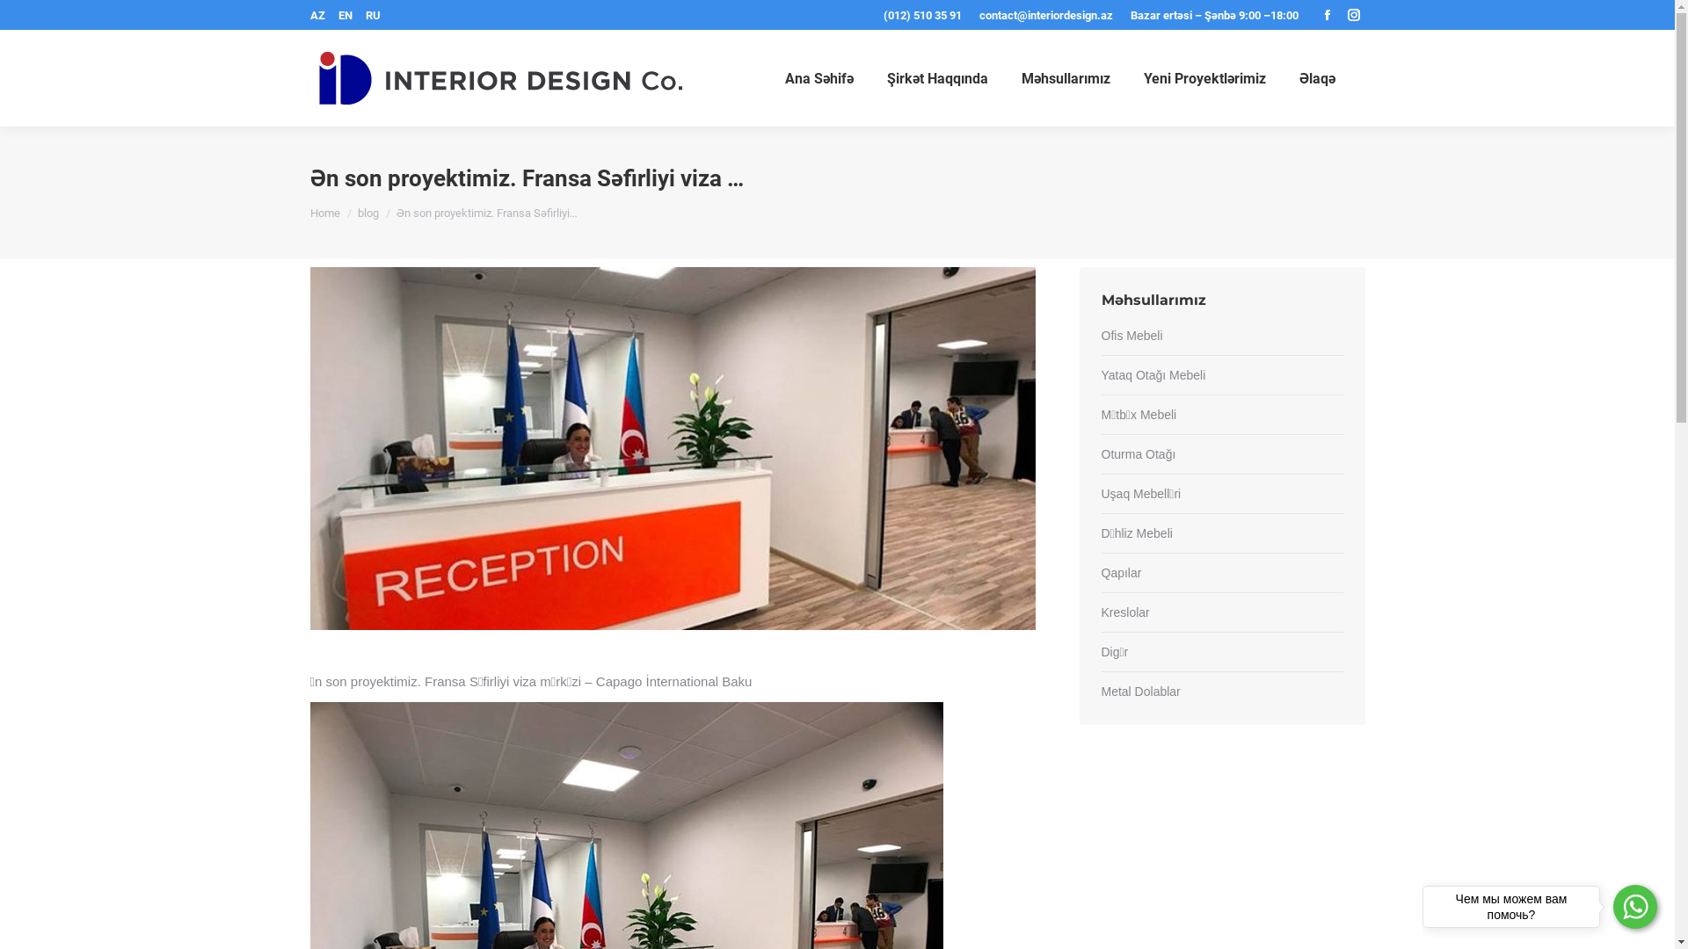 The width and height of the screenshot is (1688, 949). Describe the element at coordinates (1124, 612) in the screenshot. I see `'Kreslolar'` at that location.